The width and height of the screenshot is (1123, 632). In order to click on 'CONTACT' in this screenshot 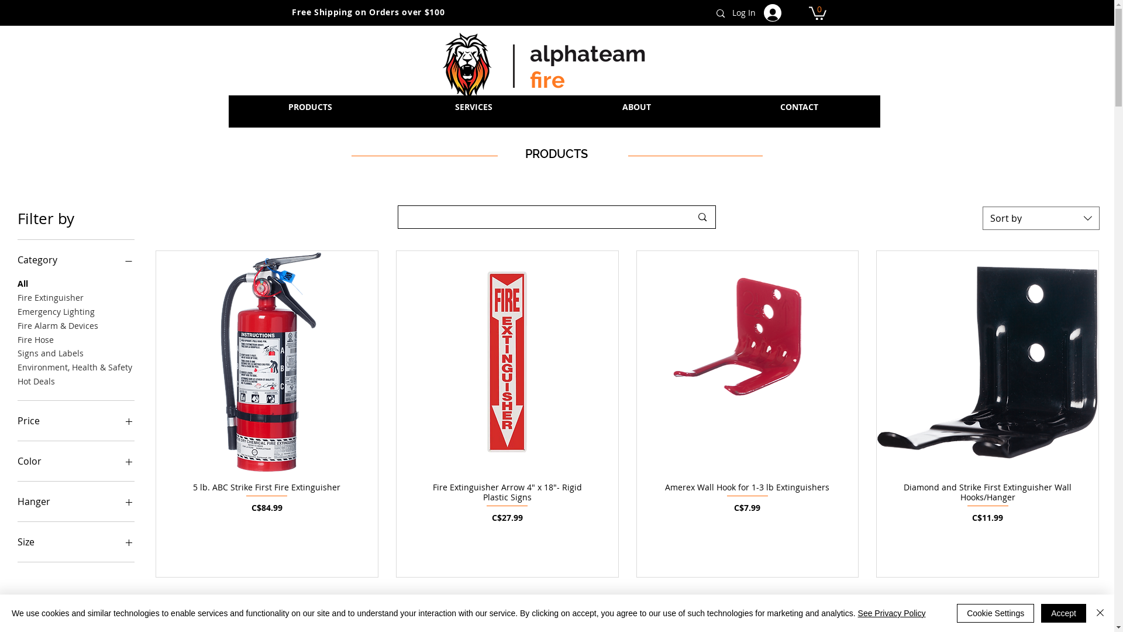, I will do `click(797, 107)`.